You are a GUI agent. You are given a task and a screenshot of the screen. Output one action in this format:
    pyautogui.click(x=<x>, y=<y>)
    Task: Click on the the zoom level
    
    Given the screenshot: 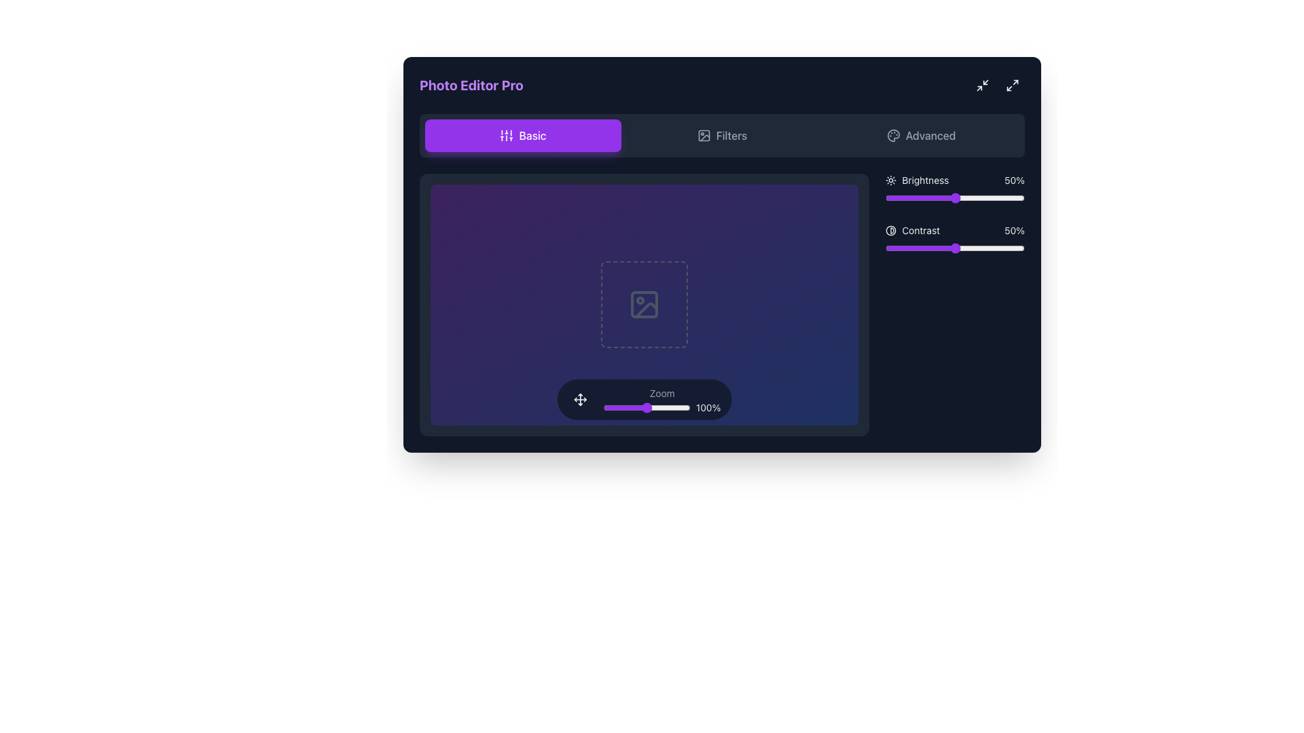 What is the action you would take?
    pyautogui.click(x=614, y=407)
    